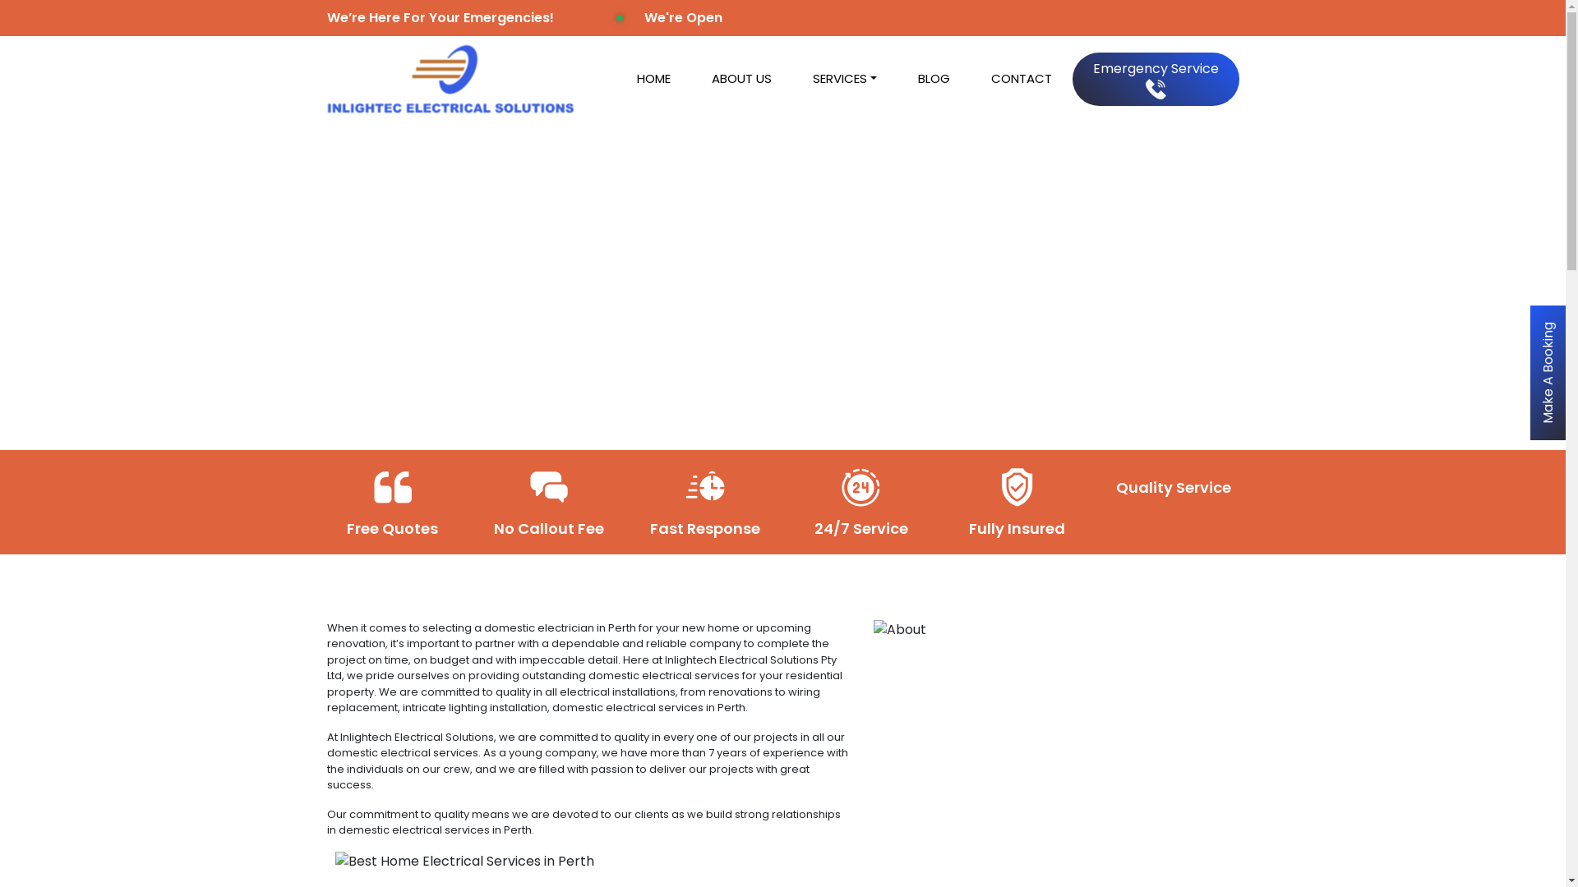  What do you see at coordinates (1020, 79) in the screenshot?
I see `'CONTACT'` at bounding box center [1020, 79].